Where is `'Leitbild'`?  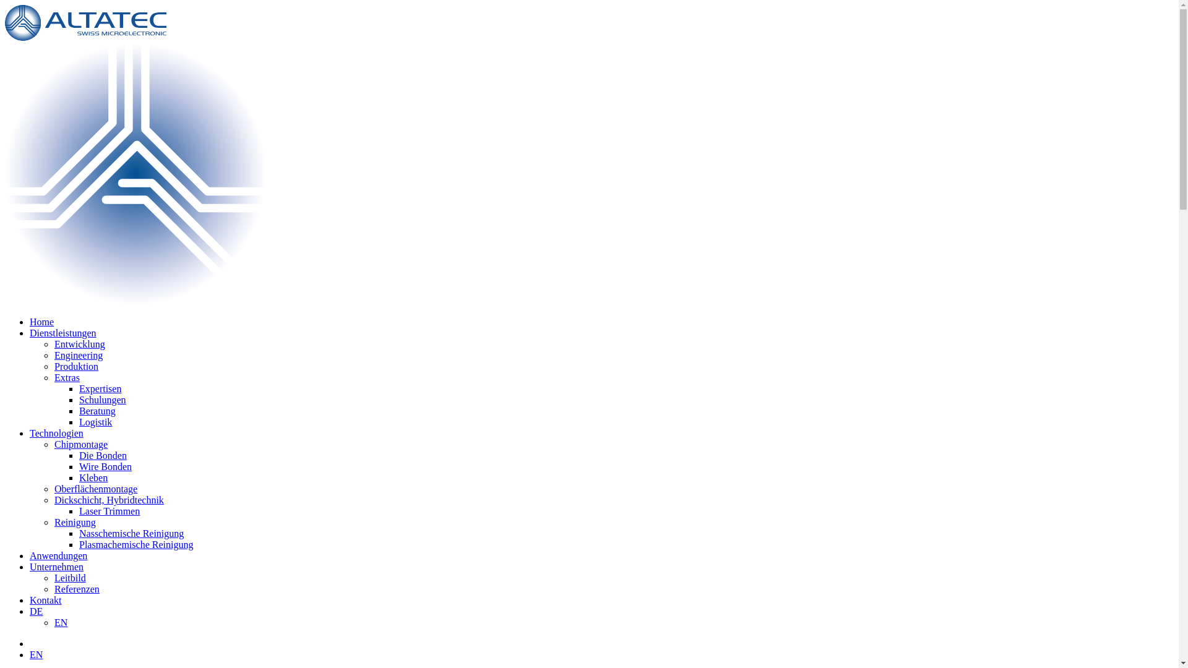
'Leitbild' is located at coordinates (69, 578).